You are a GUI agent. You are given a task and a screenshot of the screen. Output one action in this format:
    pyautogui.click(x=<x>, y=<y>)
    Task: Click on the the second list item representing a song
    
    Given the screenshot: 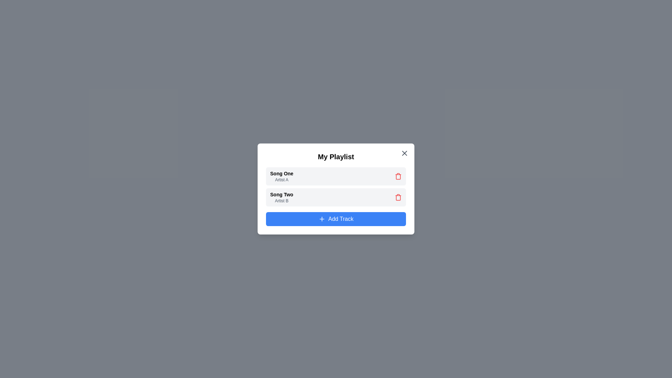 What is the action you would take?
    pyautogui.click(x=336, y=197)
    